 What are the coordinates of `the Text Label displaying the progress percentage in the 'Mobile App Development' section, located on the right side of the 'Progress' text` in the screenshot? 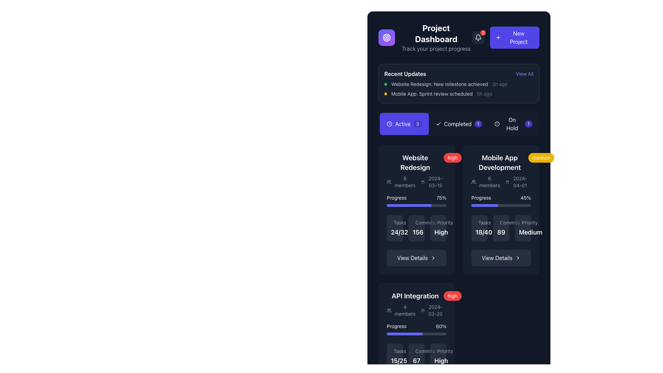 It's located at (525, 198).